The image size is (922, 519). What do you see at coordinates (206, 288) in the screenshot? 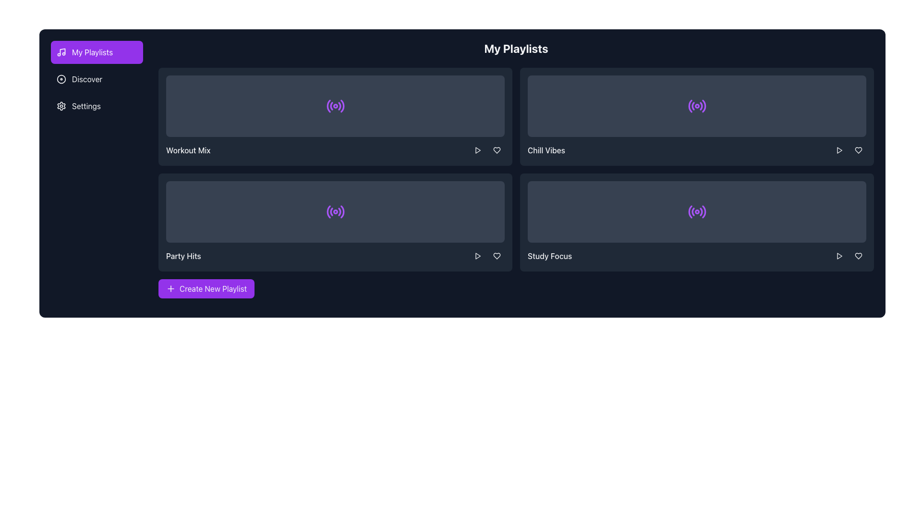
I see `keyboard navigation` at bounding box center [206, 288].